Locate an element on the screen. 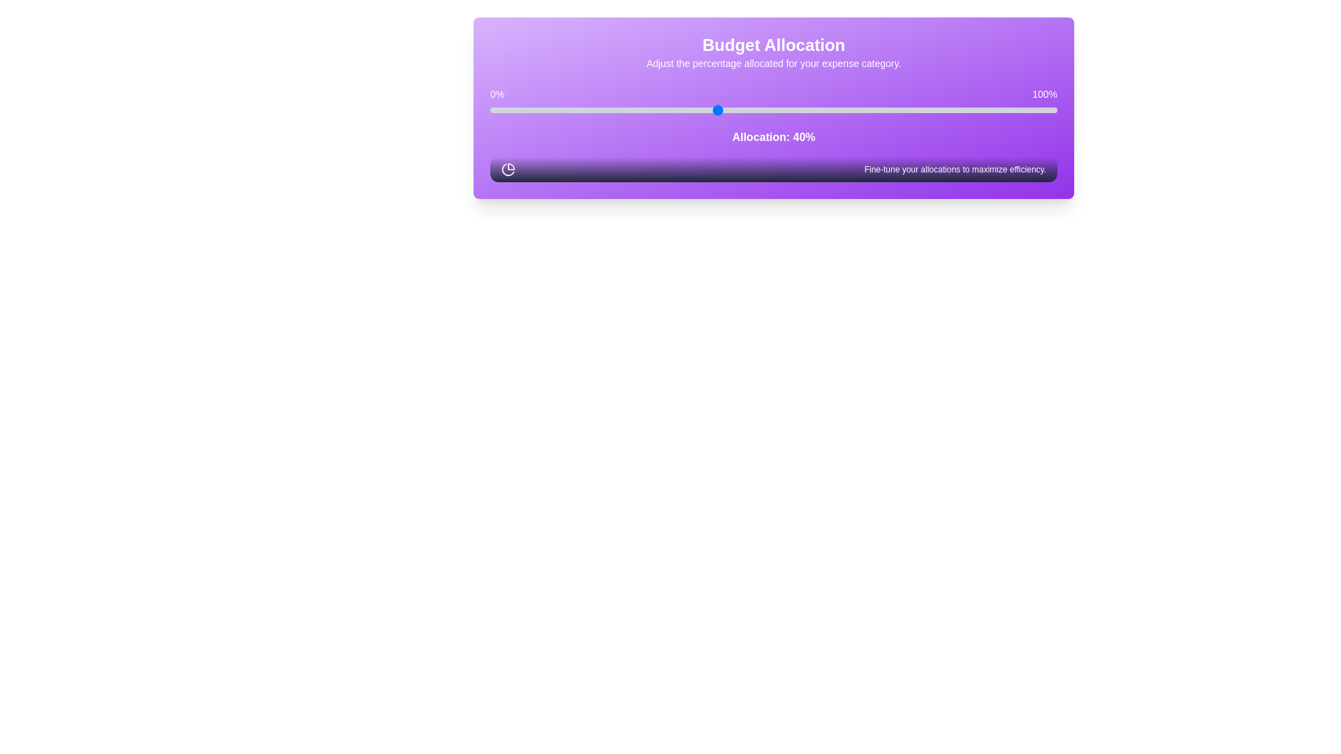 This screenshot has width=1341, height=754. the SVG pie chart icon located at the bottom-left of the purple background section, which has a white stroke and a modern design is located at coordinates (508, 169).